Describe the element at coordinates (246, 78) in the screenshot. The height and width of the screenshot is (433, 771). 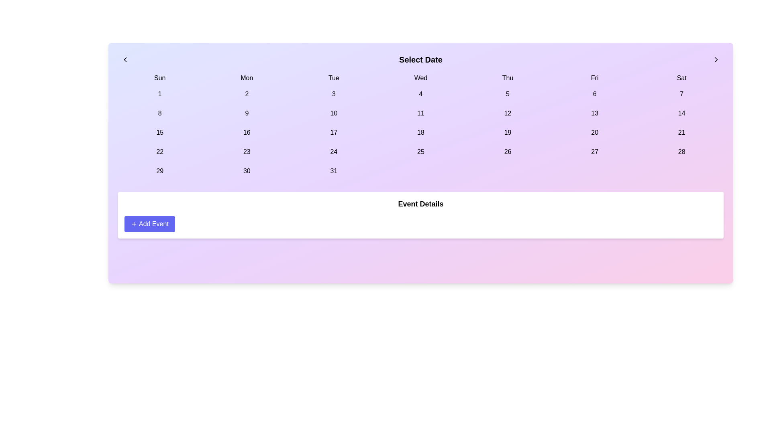
I see `the Text label displaying 'Mon' in the second column of the top row of a calendar grid` at that location.